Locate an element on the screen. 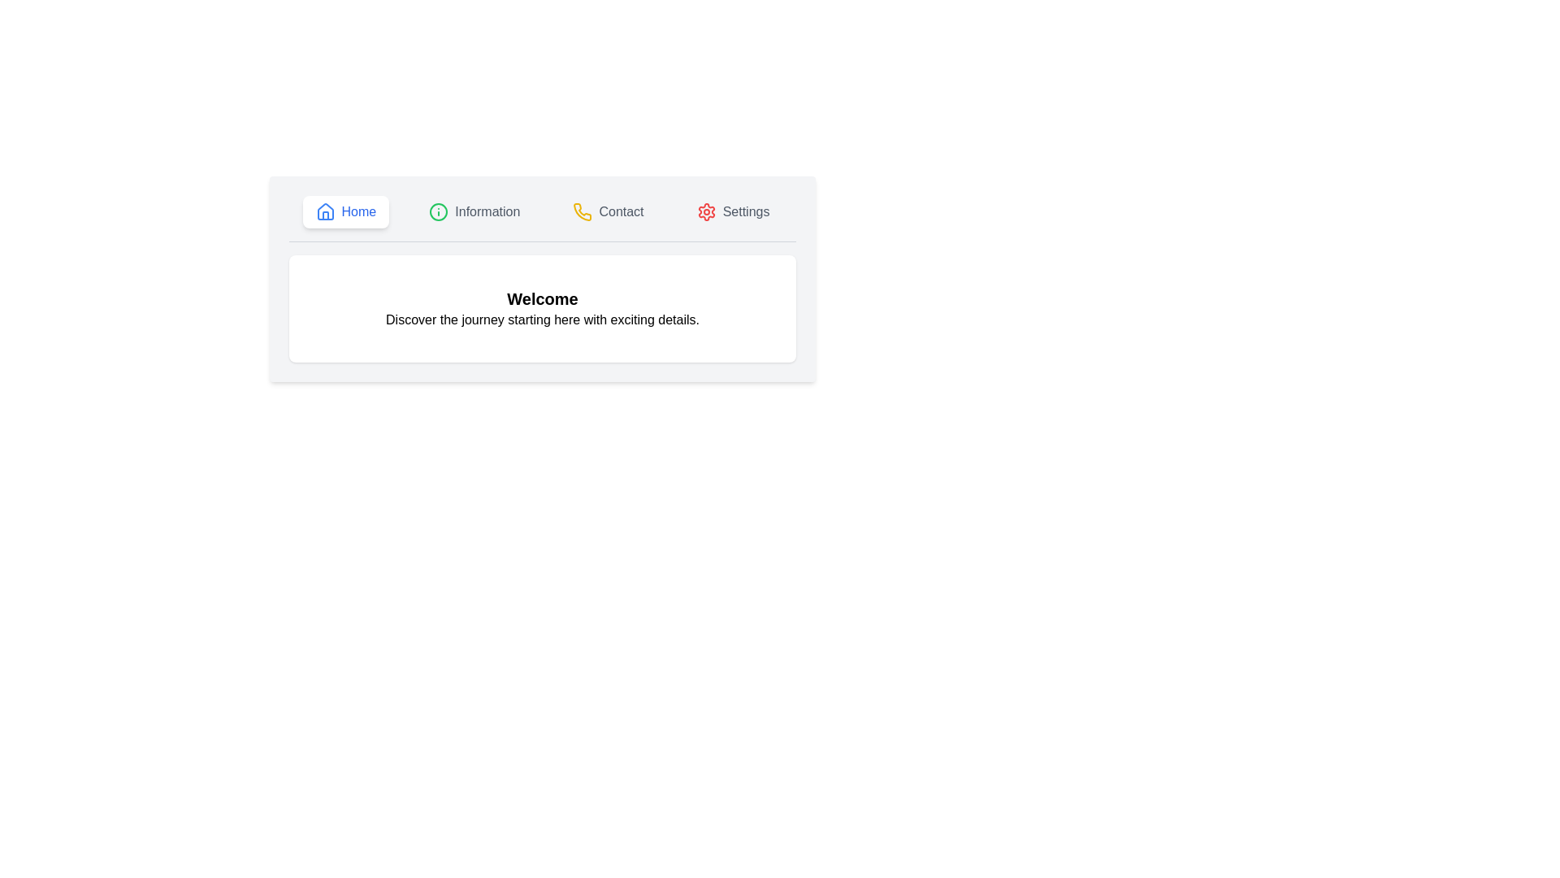 The height and width of the screenshot is (878, 1560). the 'Contact' icon in the menu bar, which serves as a visual indicator for communication functionality, located between 'Information' and 'Settings' is located at coordinates (583, 211).